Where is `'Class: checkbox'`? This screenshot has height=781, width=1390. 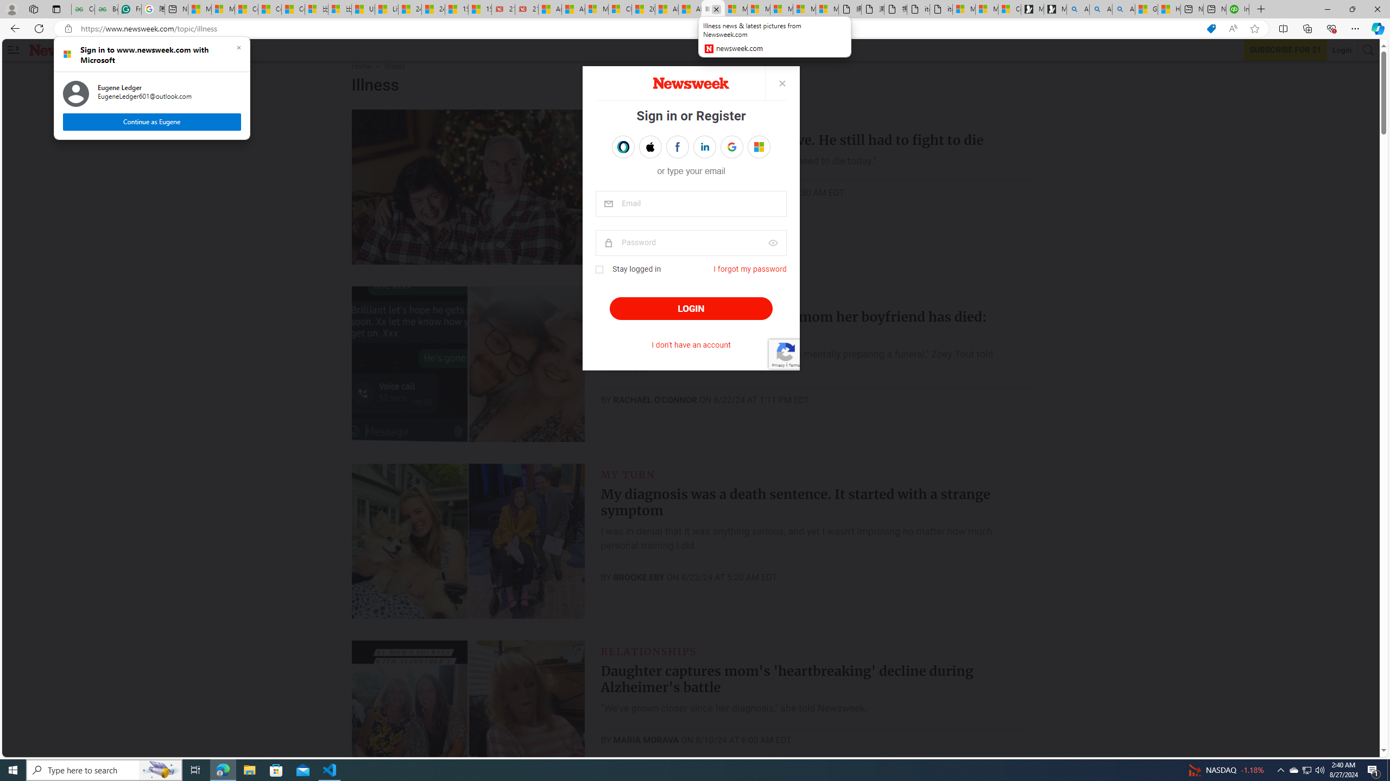
'Class: checkbox' is located at coordinates (598, 270).